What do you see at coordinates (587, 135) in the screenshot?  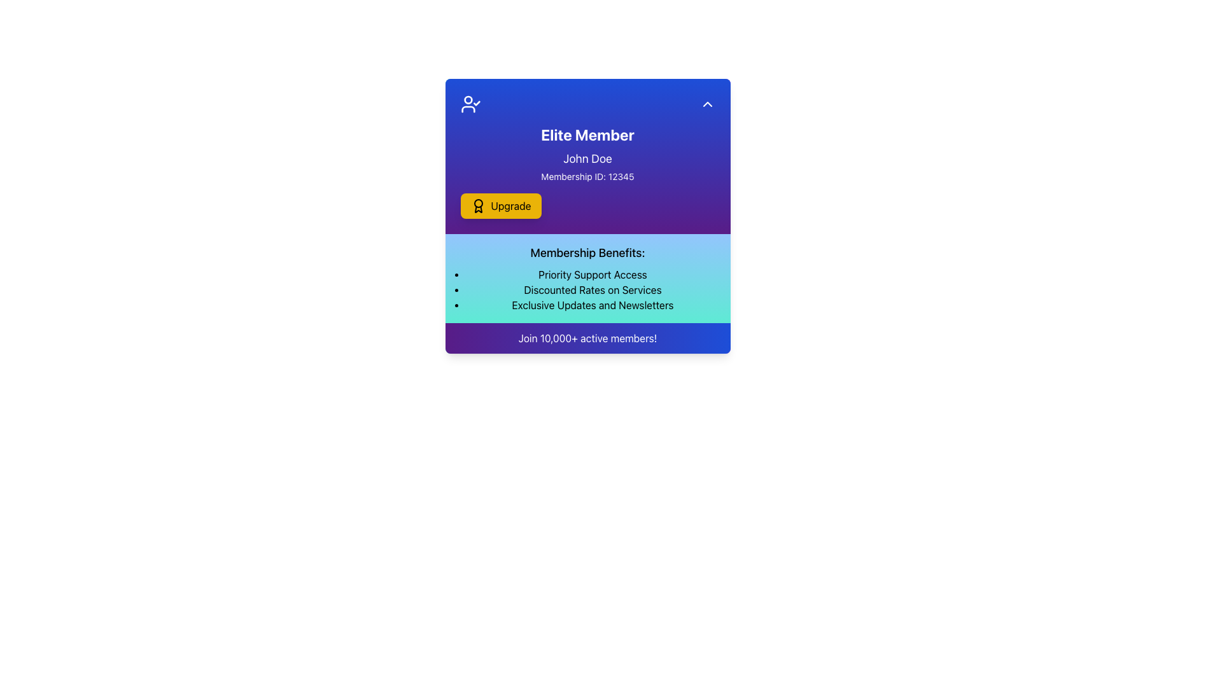 I see `the 'Elite Member' text label, which is prominently displayed in a bold and large font on a blue-to-purple gradient background card, located above the 'John Doe' text` at bounding box center [587, 135].